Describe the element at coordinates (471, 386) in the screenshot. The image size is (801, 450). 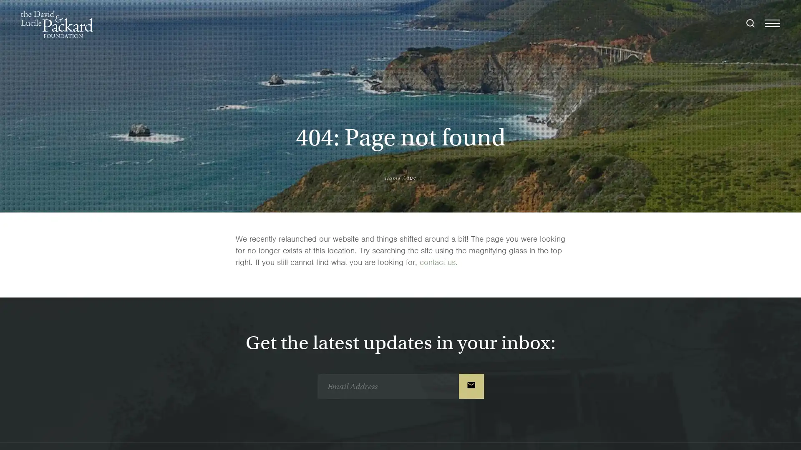
I see `mSubmit` at that location.